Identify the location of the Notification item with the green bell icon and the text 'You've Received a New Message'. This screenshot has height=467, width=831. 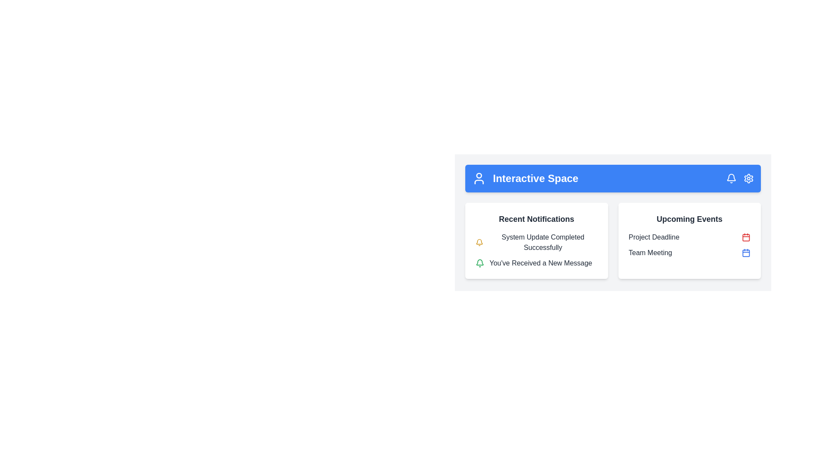
(536, 263).